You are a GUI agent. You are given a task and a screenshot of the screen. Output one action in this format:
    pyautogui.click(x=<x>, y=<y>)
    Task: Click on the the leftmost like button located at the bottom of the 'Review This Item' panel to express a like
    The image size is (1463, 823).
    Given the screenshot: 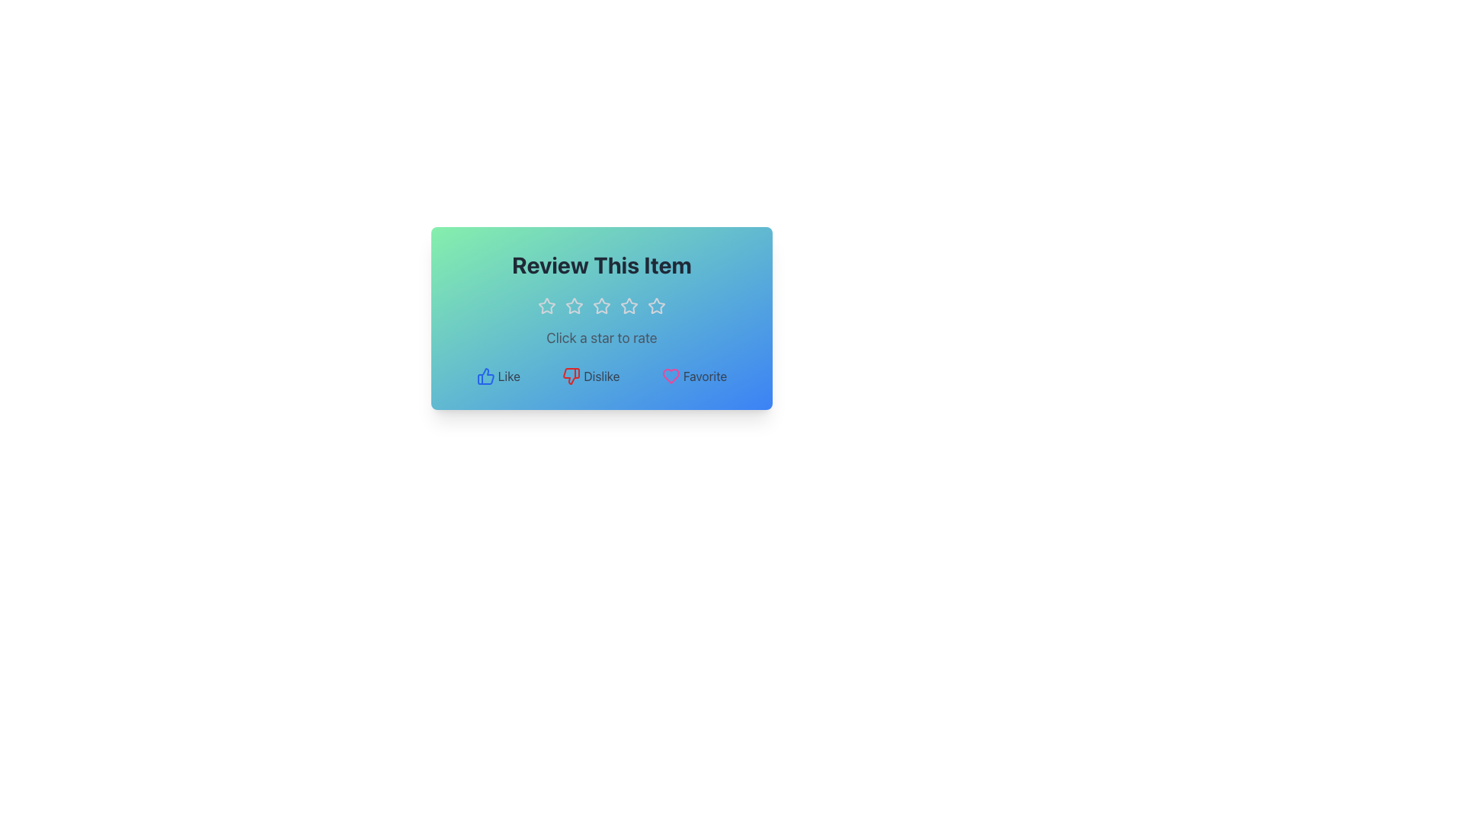 What is the action you would take?
    pyautogui.click(x=498, y=376)
    